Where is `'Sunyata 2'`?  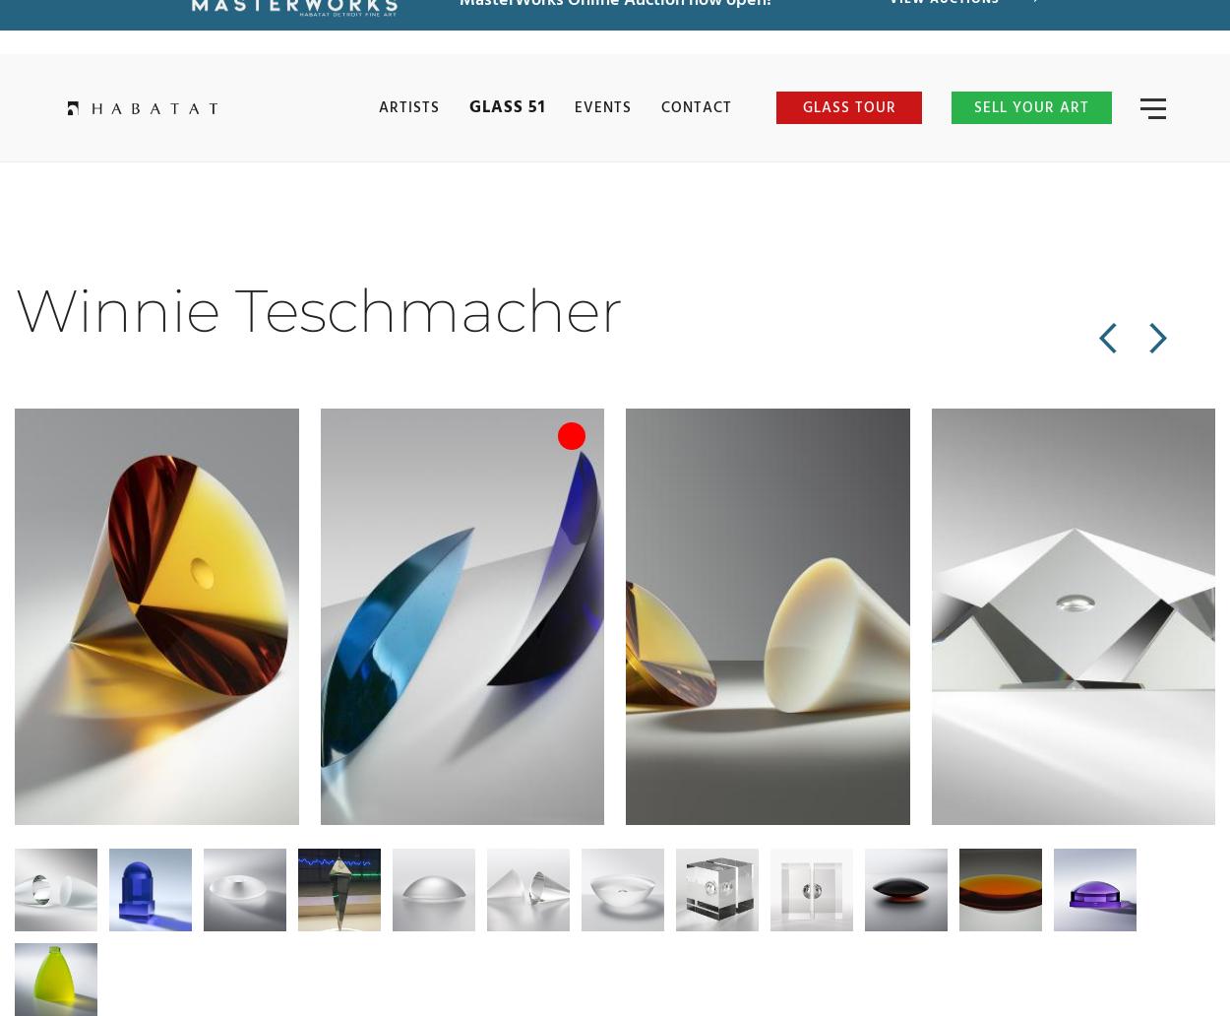
'Sunyata 2' is located at coordinates (81, 696).